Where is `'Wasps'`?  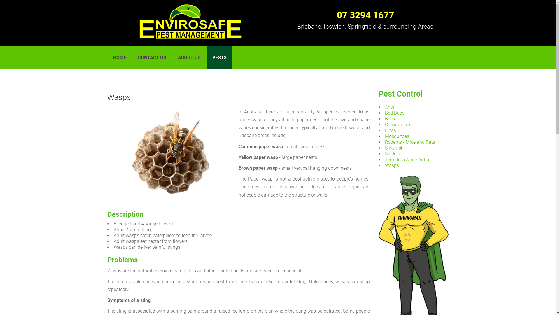 'Wasps' is located at coordinates (392, 165).